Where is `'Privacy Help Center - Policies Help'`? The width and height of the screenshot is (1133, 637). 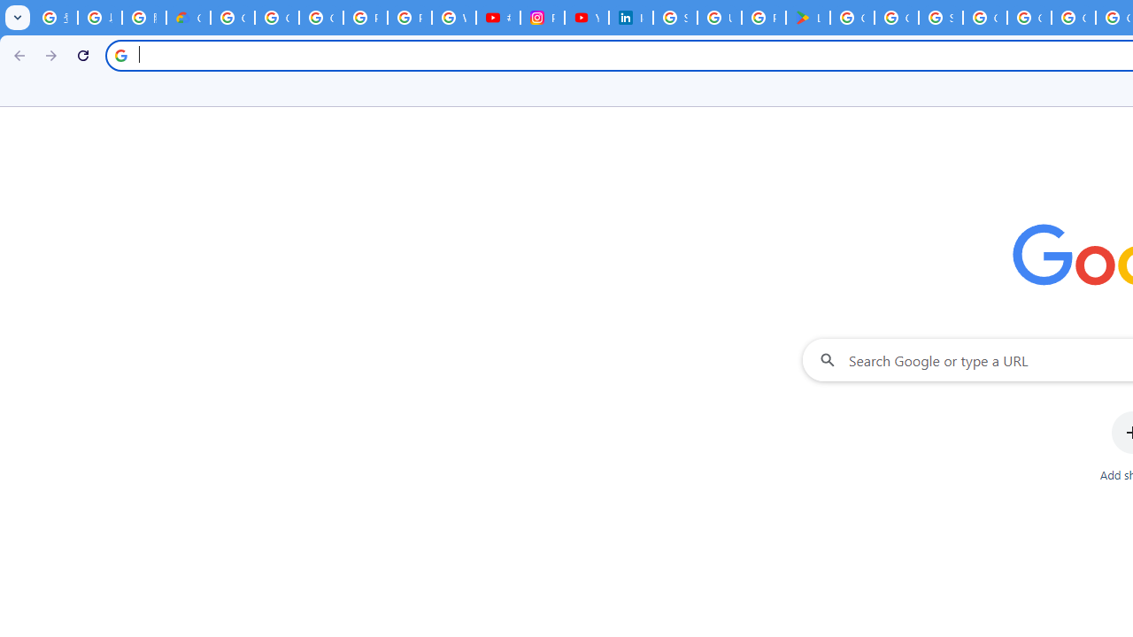 'Privacy Help Center - Policies Help' is located at coordinates (364, 18).